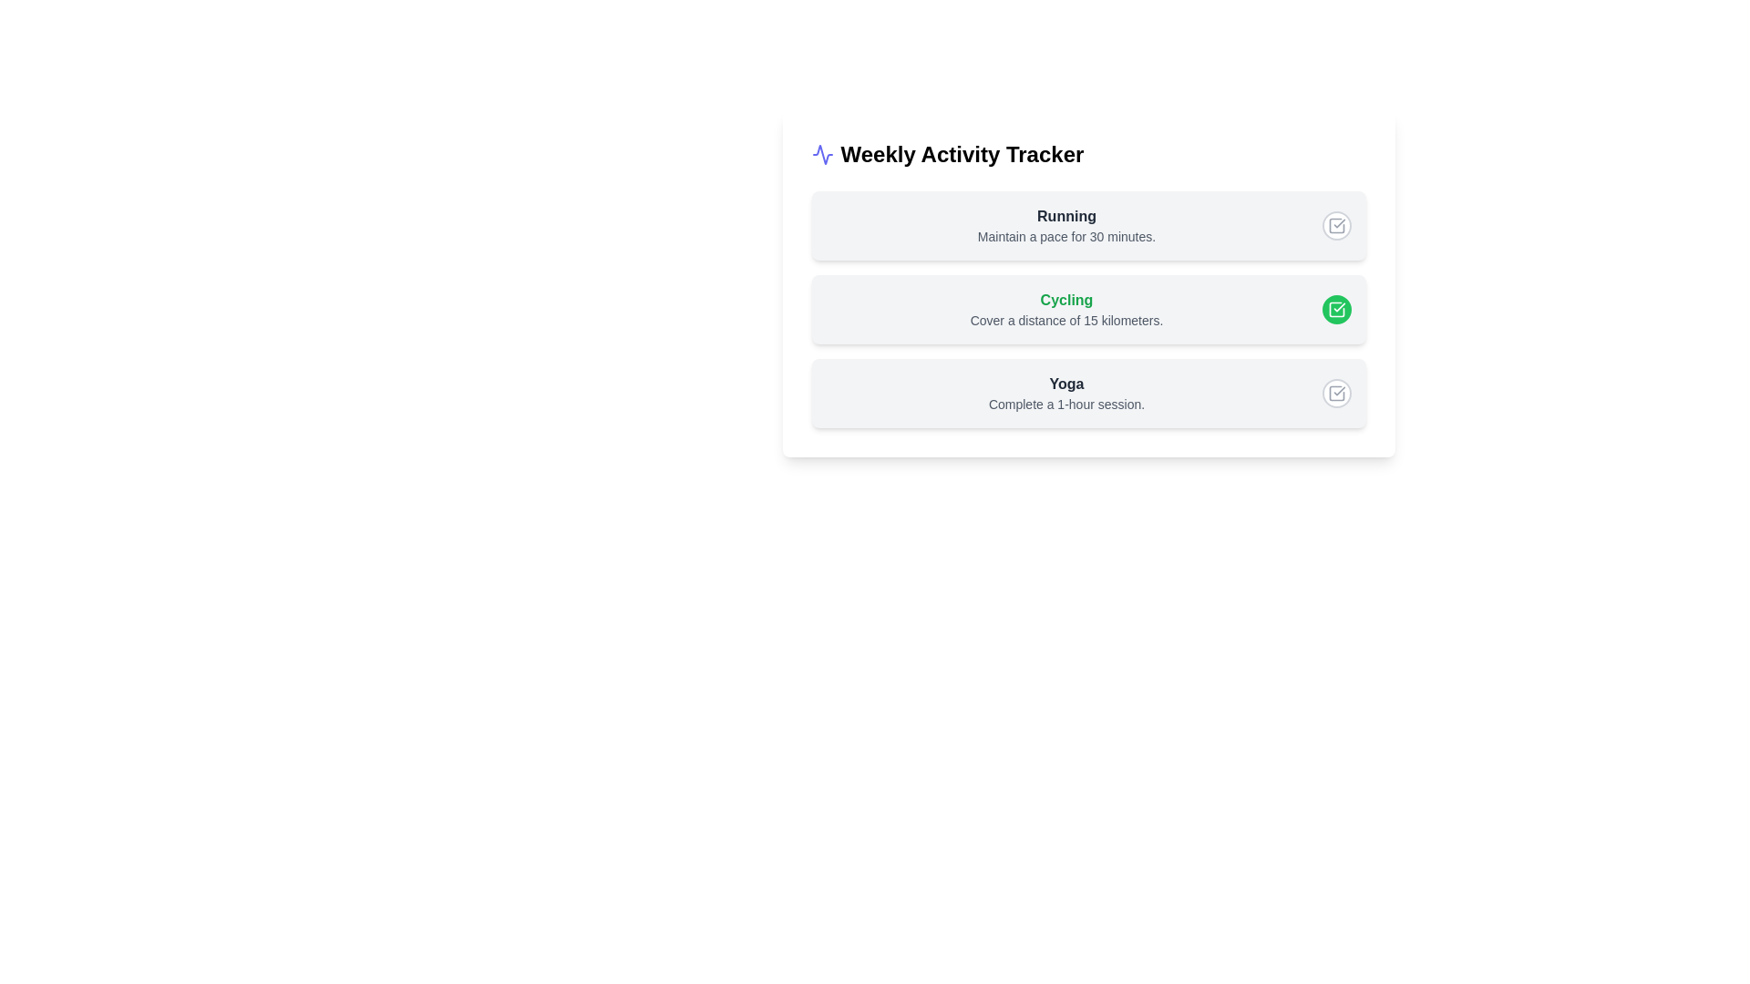 The width and height of the screenshot is (1750, 984). Describe the element at coordinates (1336, 224) in the screenshot. I see `the square-checkmark icon embedded within the circular button indicating the 'Running' status, located towards the right-end of the 'Running' action box` at that location.